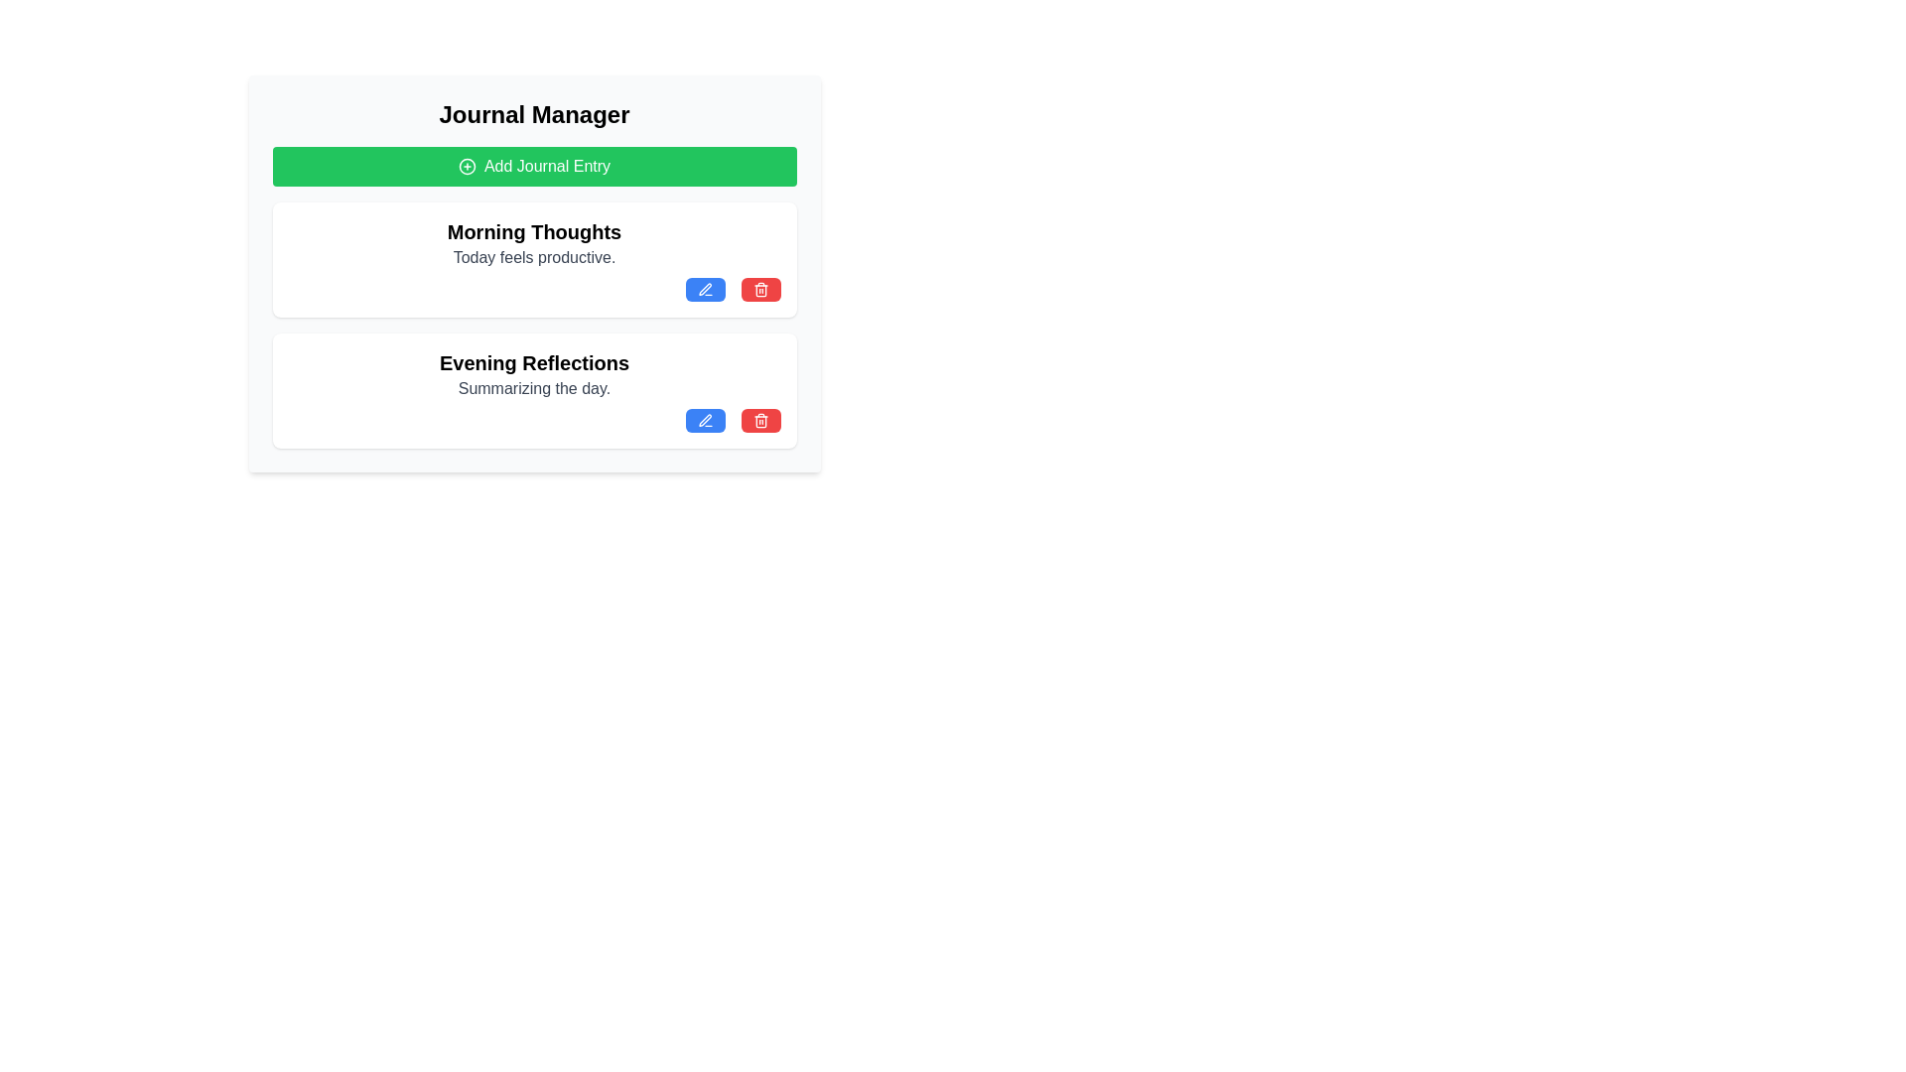 This screenshot has height=1072, width=1906. I want to click on the delete icon associated with 'Evening Reflections', so click(759, 420).